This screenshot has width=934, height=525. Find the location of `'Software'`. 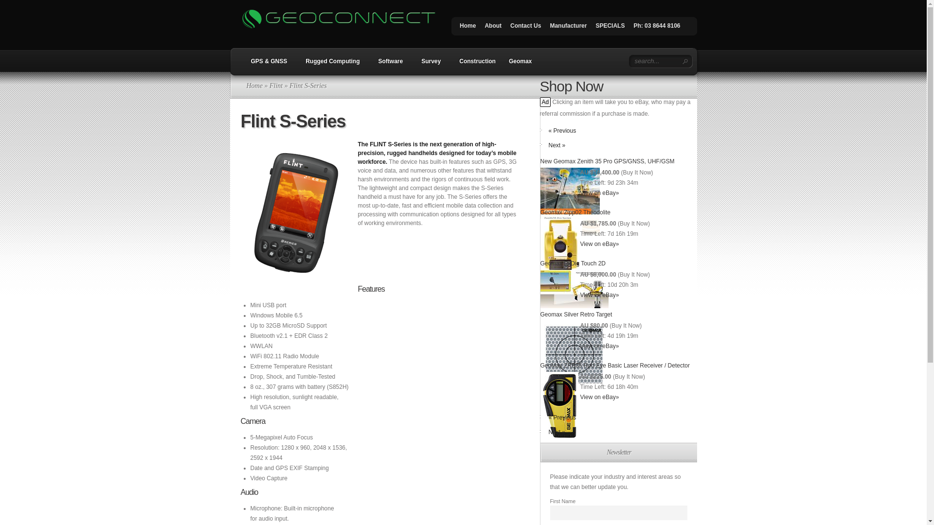

'Software' is located at coordinates (387, 64).